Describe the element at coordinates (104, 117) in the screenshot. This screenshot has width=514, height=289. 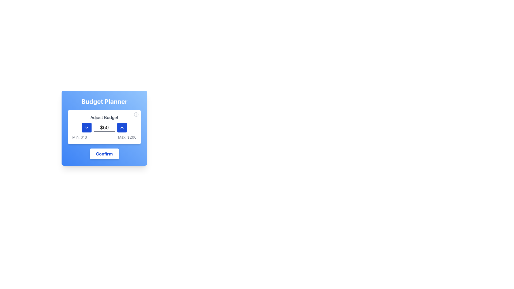
I see `the text label displaying 'Adjust Budget' located at the top center of the 'Budget Planner' modal card` at that location.